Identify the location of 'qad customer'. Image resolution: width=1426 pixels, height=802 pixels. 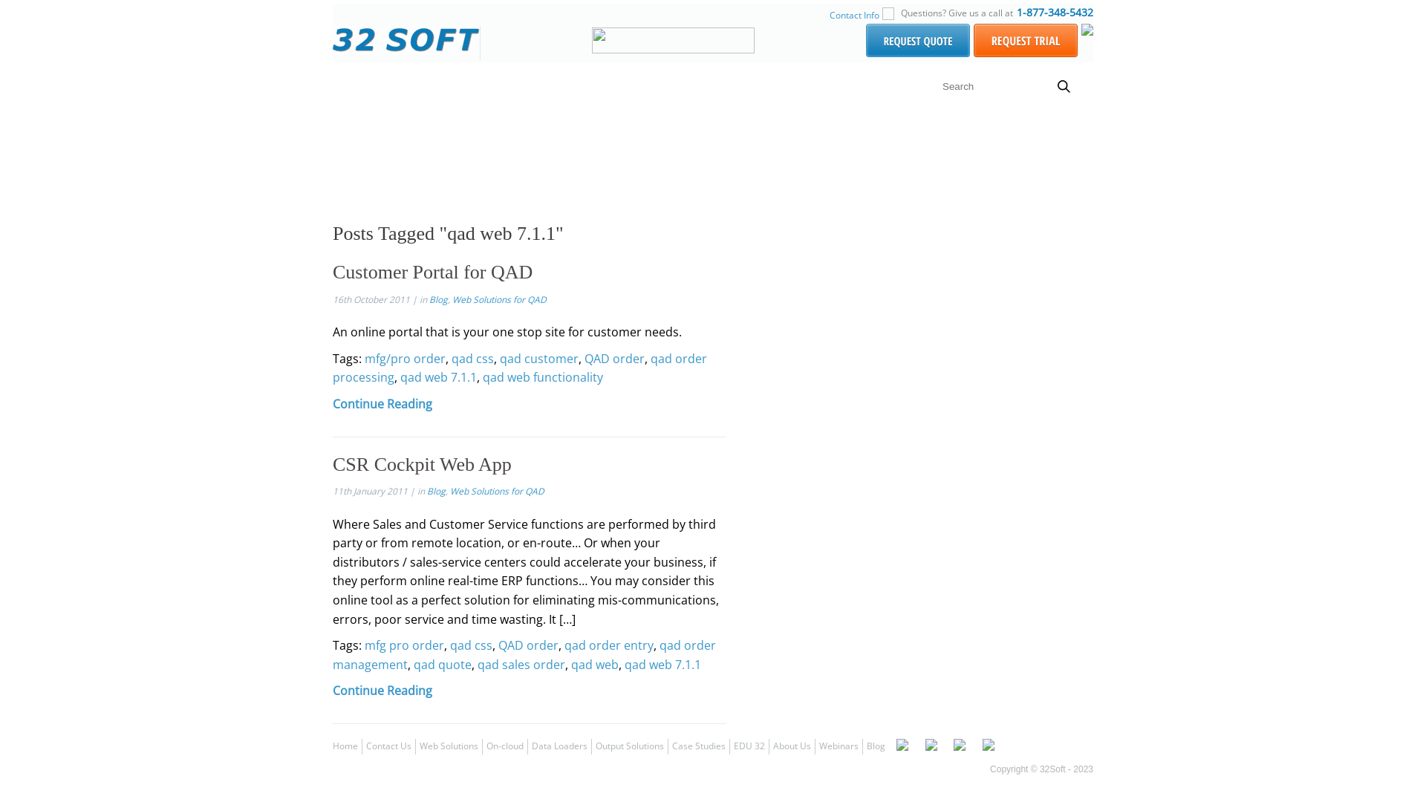
(538, 358).